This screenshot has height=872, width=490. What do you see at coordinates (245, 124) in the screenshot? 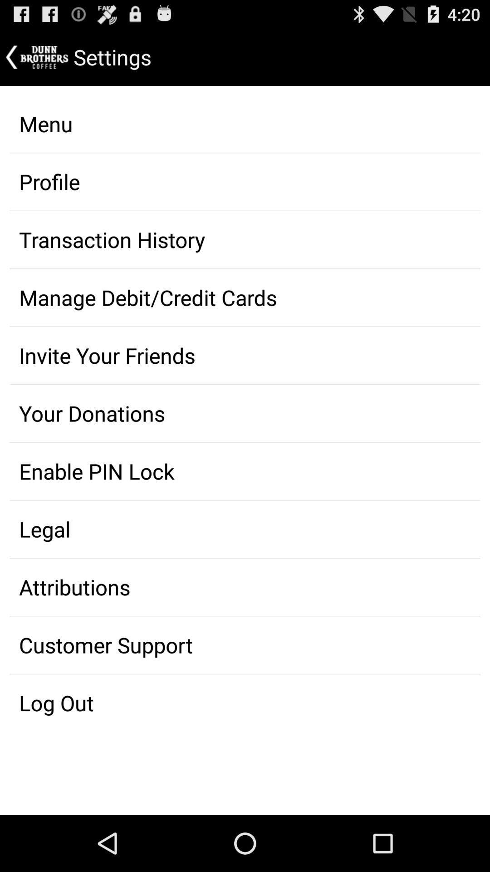
I see `app below the settings app` at bounding box center [245, 124].